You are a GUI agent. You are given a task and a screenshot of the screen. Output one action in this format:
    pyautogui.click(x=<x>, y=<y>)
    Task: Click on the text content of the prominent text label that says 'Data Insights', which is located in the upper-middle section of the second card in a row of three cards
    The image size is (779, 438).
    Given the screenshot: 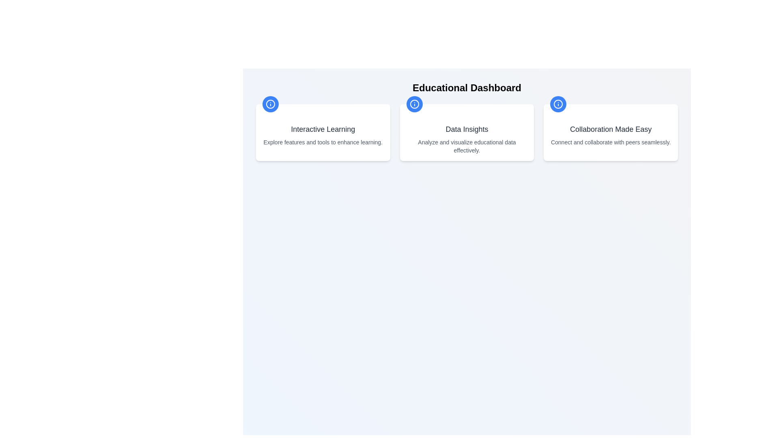 What is the action you would take?
    pyautogui.click(x=467, y=129)
    